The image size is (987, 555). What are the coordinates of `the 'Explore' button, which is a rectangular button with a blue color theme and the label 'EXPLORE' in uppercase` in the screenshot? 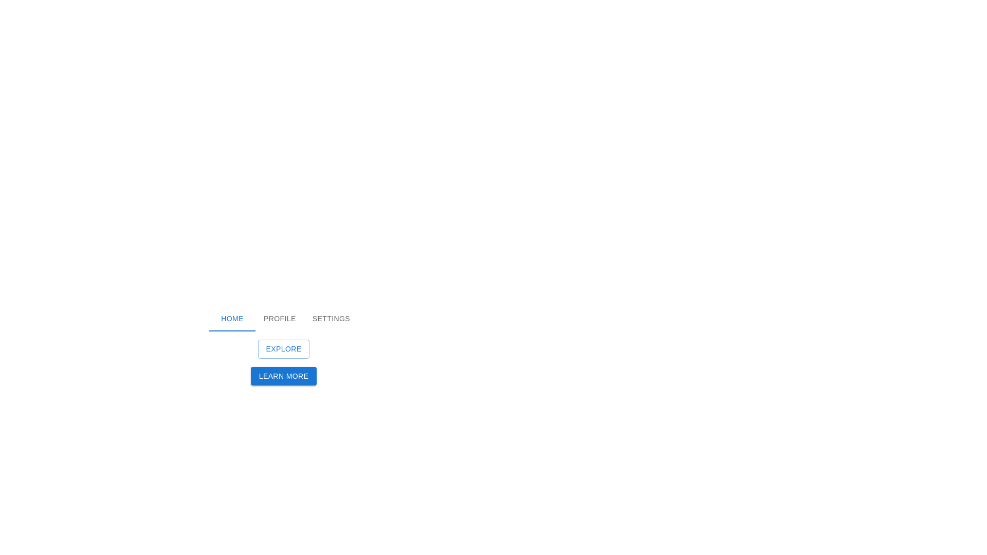 It's located at (284, 348).